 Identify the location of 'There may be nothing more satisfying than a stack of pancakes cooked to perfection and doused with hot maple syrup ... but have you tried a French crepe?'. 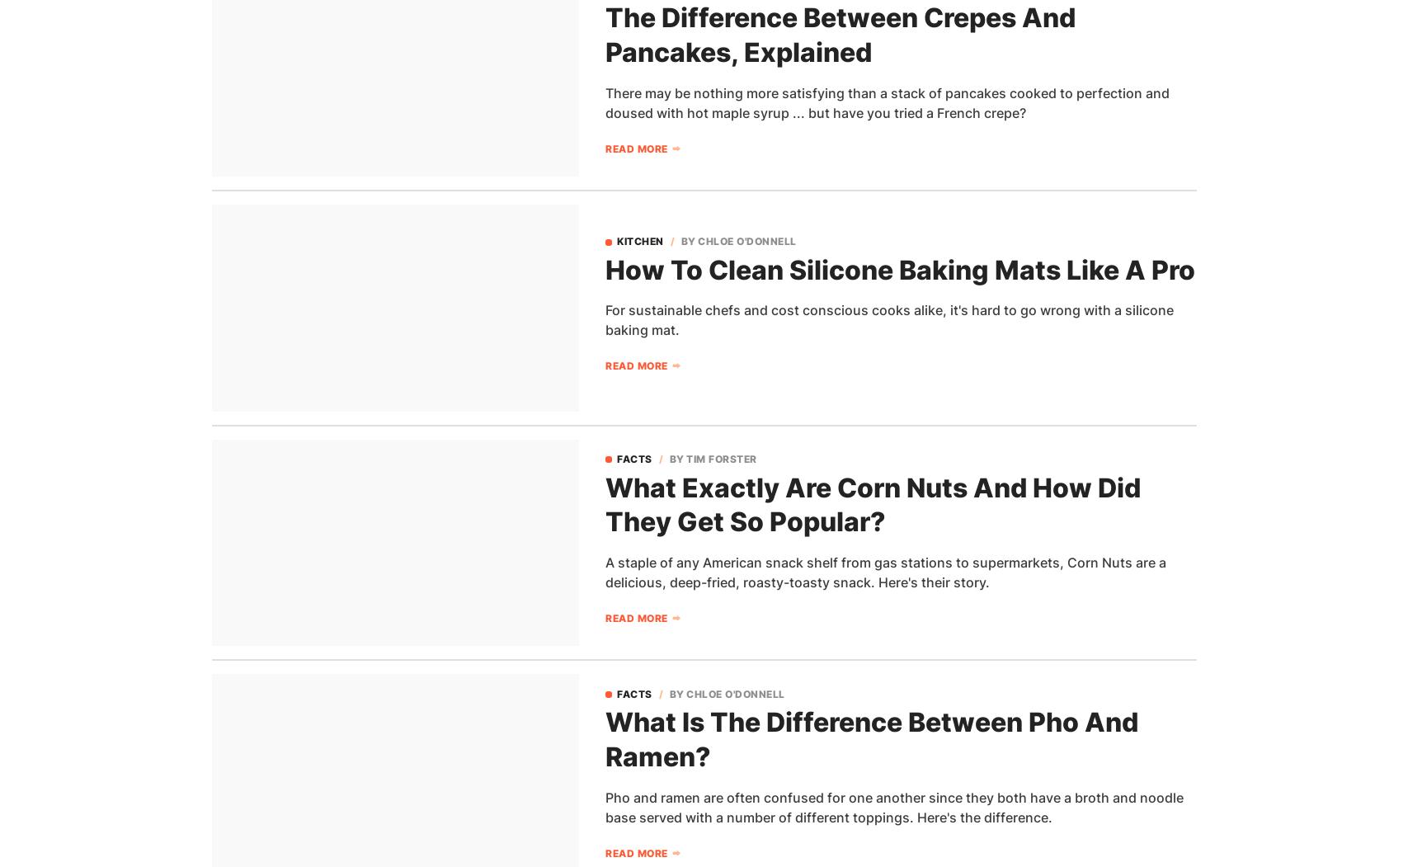
(605, 101).